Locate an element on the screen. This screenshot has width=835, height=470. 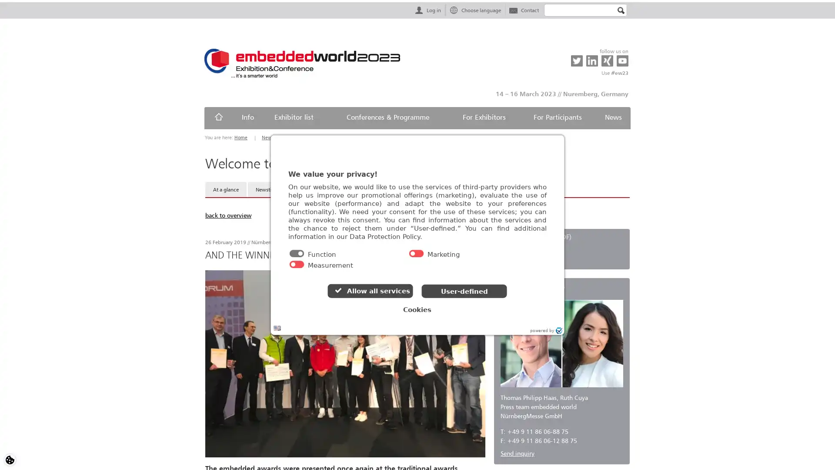
Allow all services is located at coordinates (369, 295).